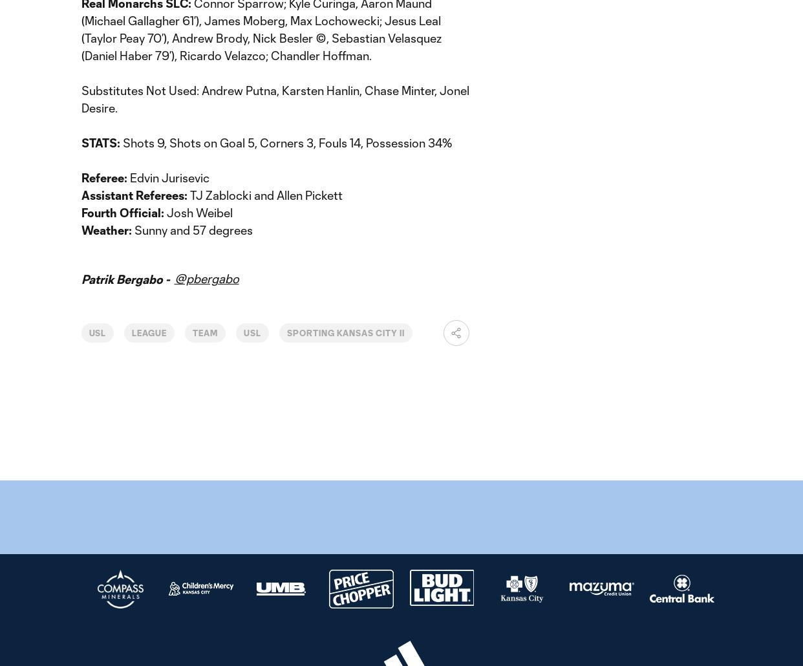  What do you see at coordinates (188, 194) in the screenshot?
I see `'TJ Zablocki and Allen Pickett'` at bounding box center [188, 194].